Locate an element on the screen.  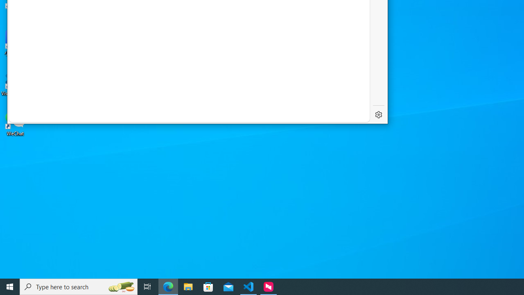
'Start' is located at coordinates (10, 286).